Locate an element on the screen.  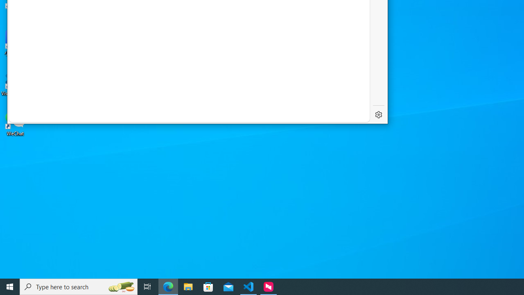
'Start' is located at coordinates (10, 286).